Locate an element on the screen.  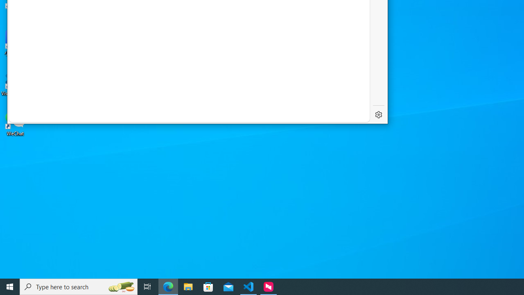
'Start' is located at coordinates (10, 286).